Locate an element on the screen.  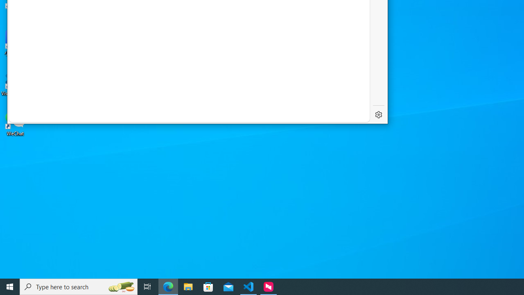
'Start' is located at coordinates (10, 286).